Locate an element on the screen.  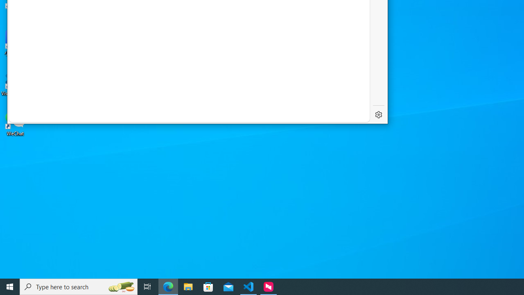
'Start' is located at coordinates (10, 286).